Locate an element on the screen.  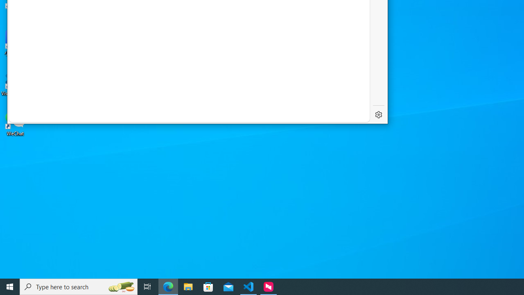
'Start' is located at coordinates (10, 286).